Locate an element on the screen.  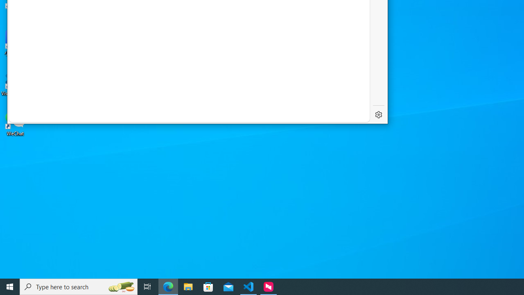
'Start' is located at coordinates (10, 286).